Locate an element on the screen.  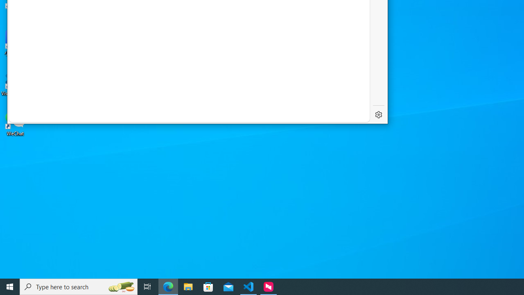
'Start' is located at coordinates (10, 286).